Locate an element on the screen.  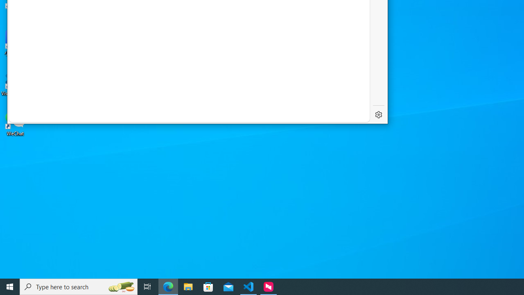
'Start' is located at coordinates (10, 286).